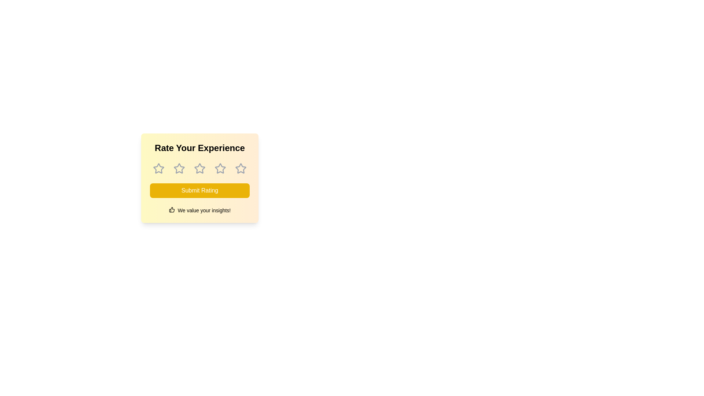 The height and width of the screenshot is (396, 704). What do you see at coordinates (179, 168) in the screenshot?
I see `the second star-shaped rating icon located under the heading 'Rate Your Experience' to rate it` at bounding box center [179, 168].